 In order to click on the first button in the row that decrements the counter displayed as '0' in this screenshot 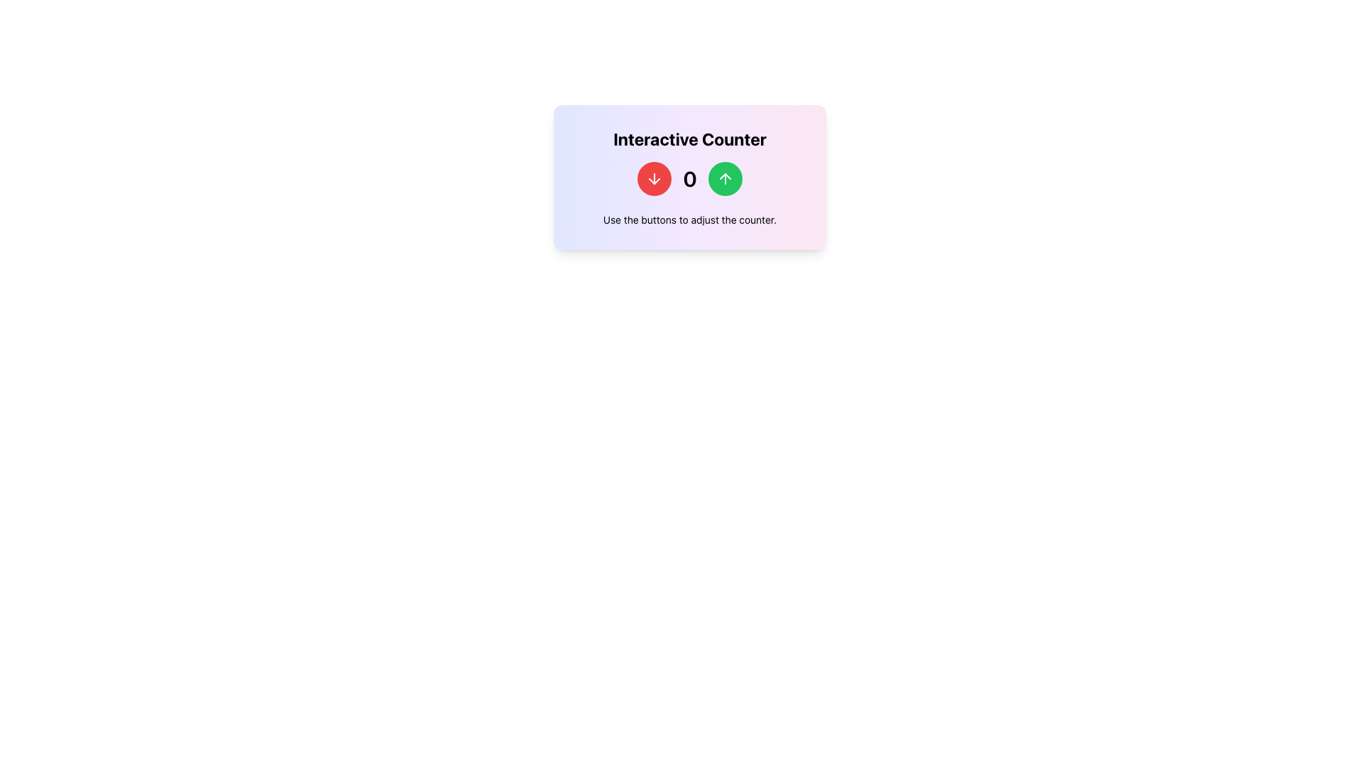, I will do `click(653, 178)`.